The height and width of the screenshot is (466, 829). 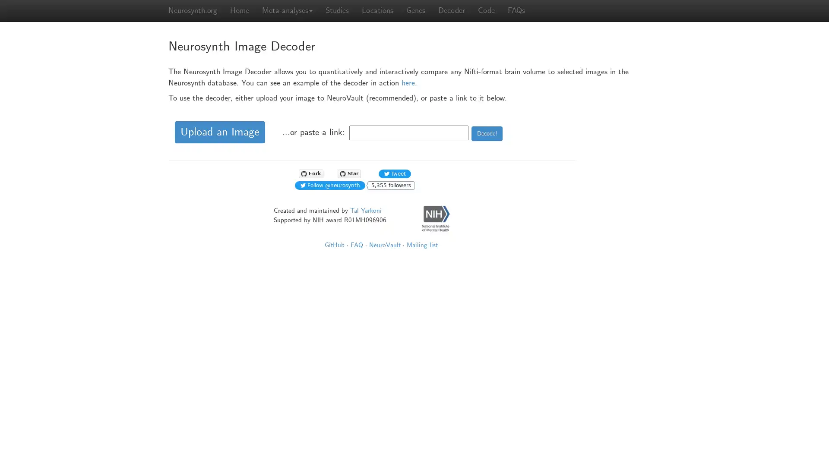 What do you see at coordinates (220, 132) in the screenshot?
I see `Upload an Image` at bounding box center [220, 132].